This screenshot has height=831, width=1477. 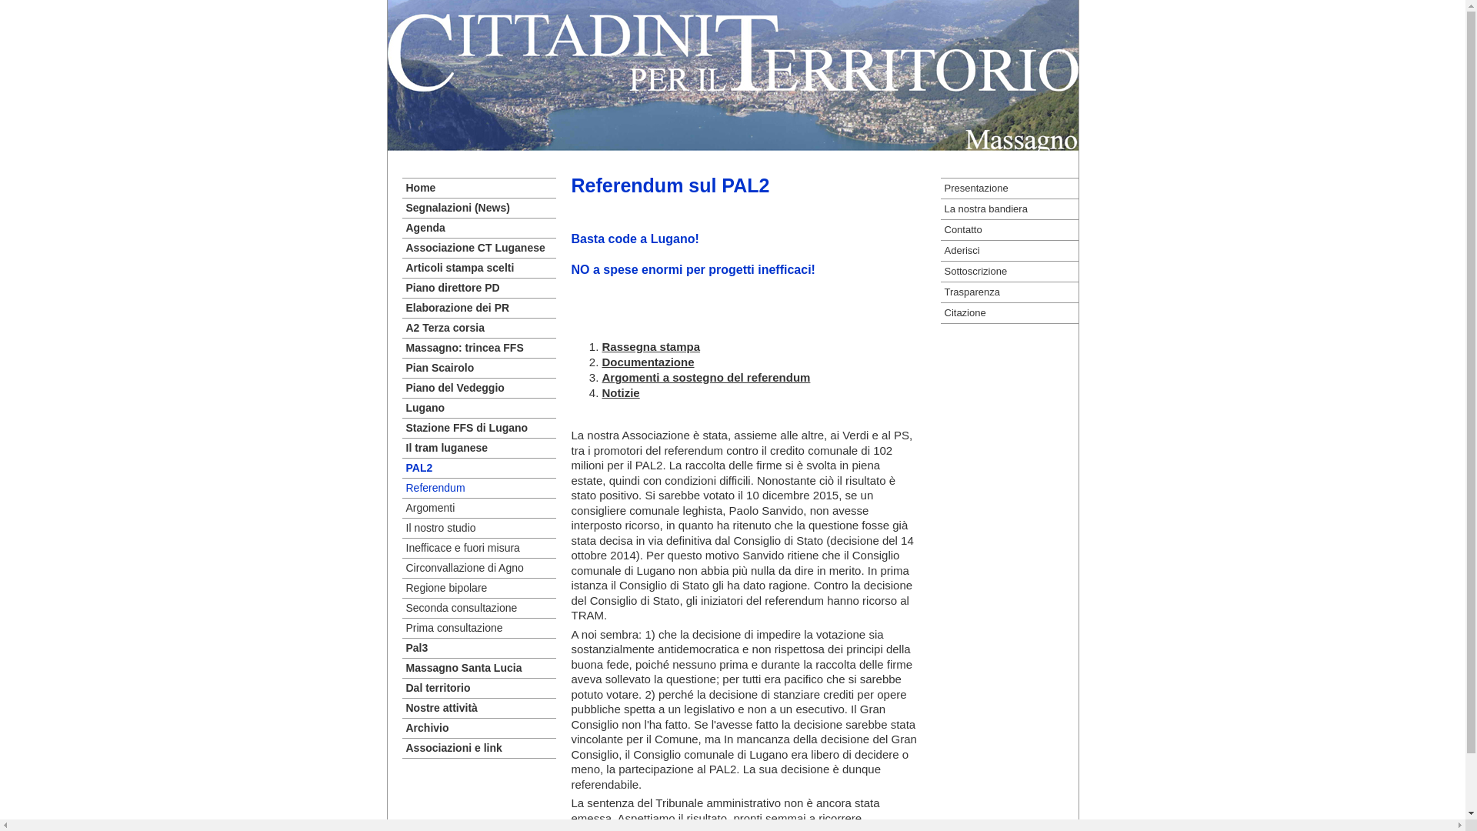 I want to click on 'Associazioni e link', so click(x=478, y=747).